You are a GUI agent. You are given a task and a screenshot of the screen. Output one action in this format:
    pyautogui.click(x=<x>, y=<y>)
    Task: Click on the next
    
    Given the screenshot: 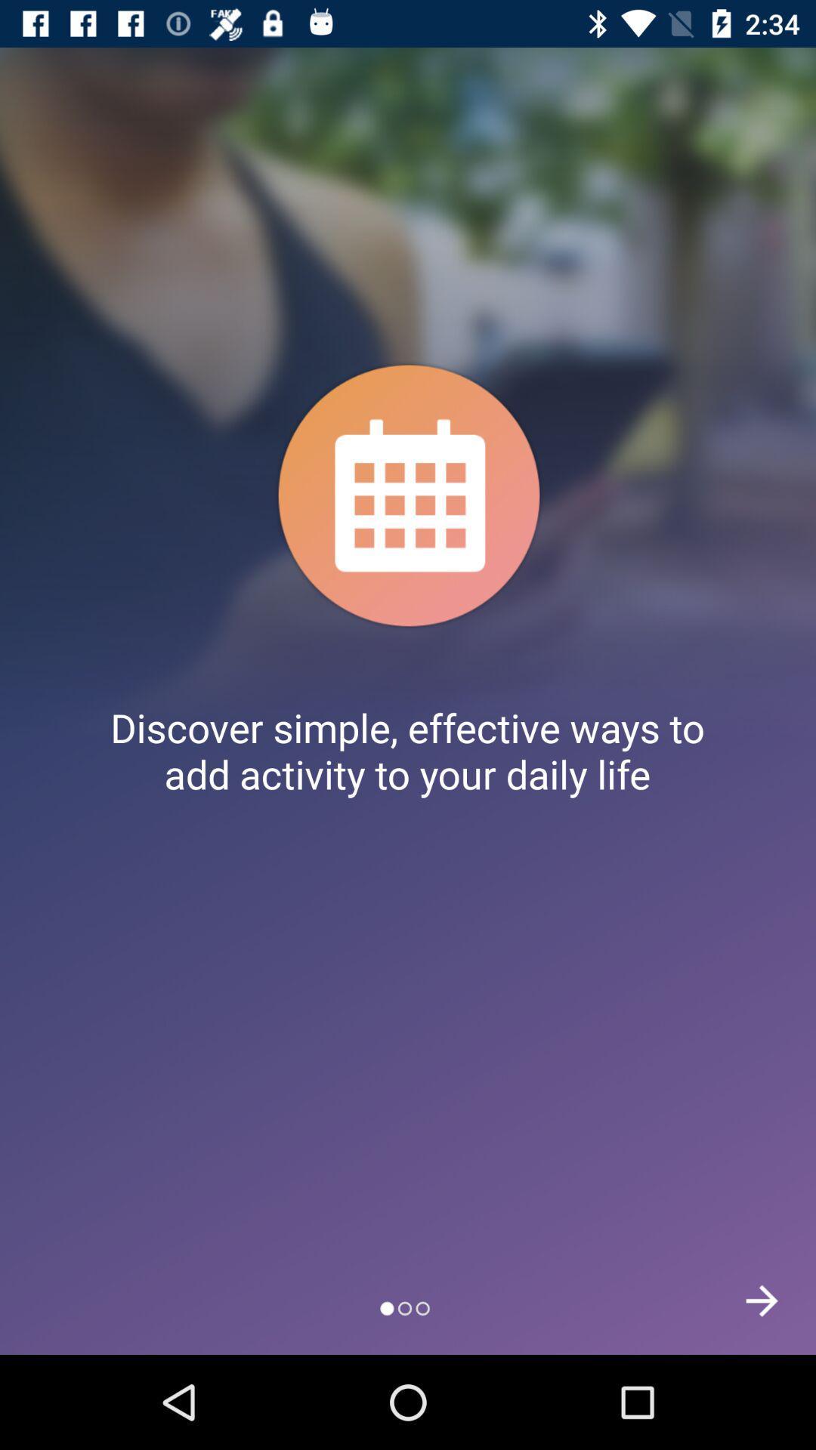 What is the action you would take?
    pyautogui.click(x=762, y=1300)
    